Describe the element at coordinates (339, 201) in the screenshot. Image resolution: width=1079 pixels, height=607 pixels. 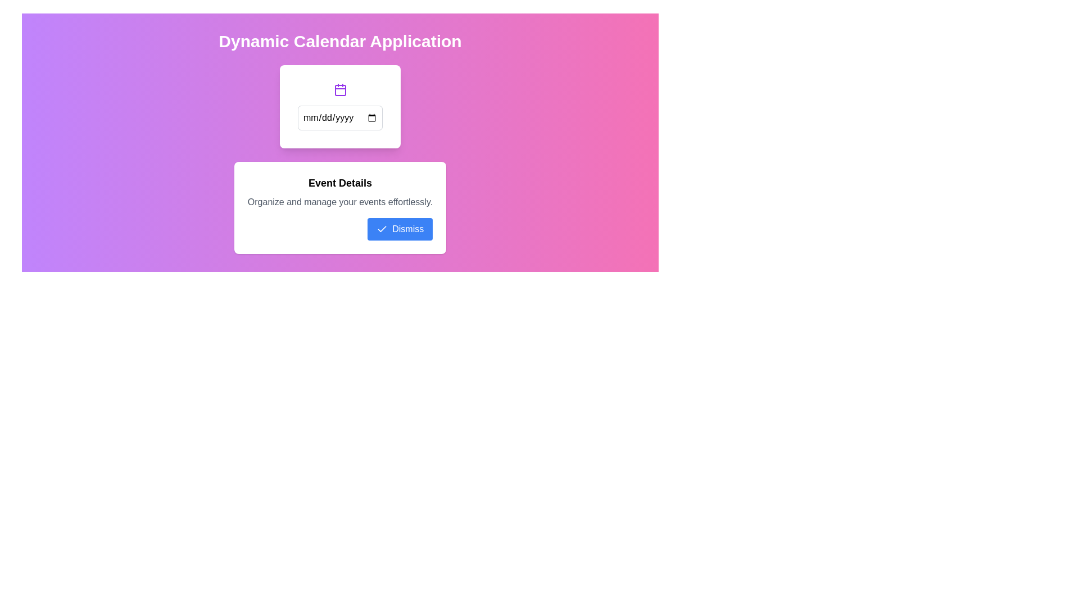
I see `informative text block providing guidance on managing events, located below the title in the 'Event Details' card` at that location.